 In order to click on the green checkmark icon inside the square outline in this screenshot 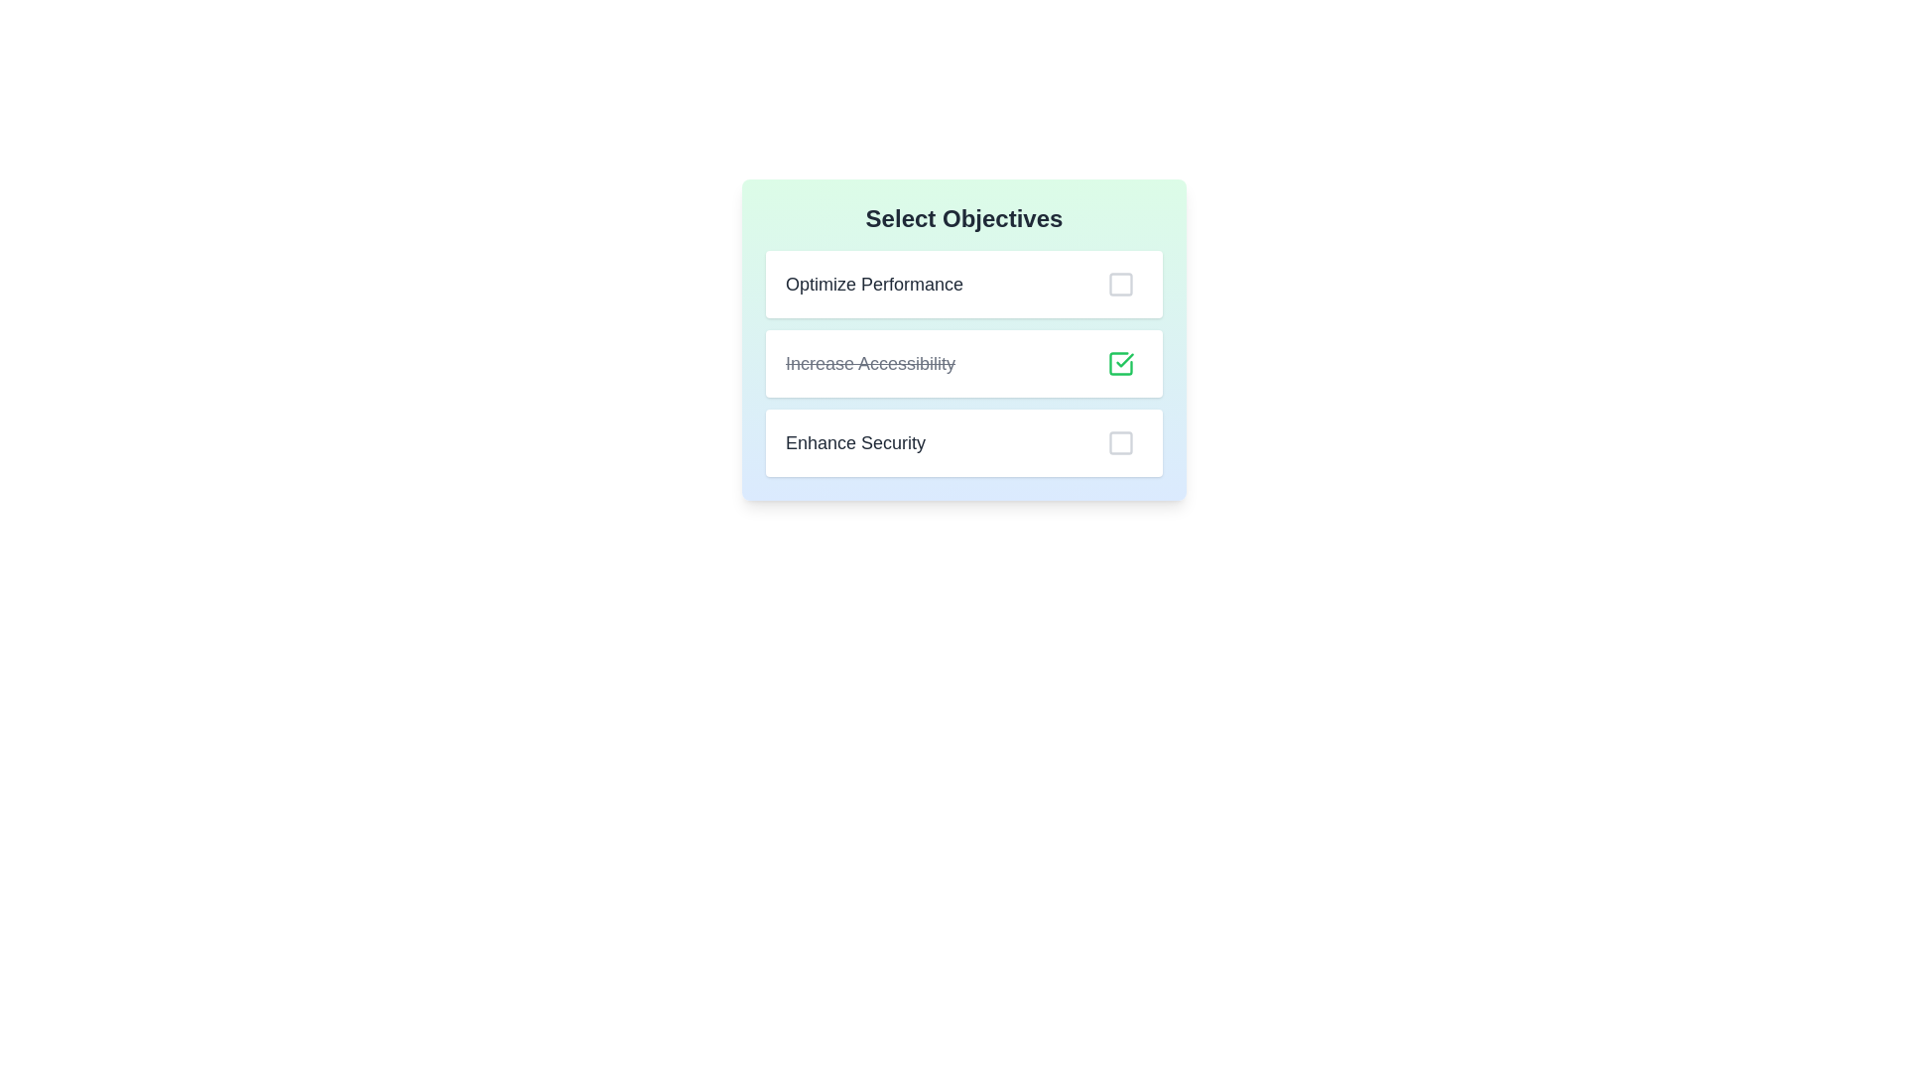, I will do `click(1120, 363)`.